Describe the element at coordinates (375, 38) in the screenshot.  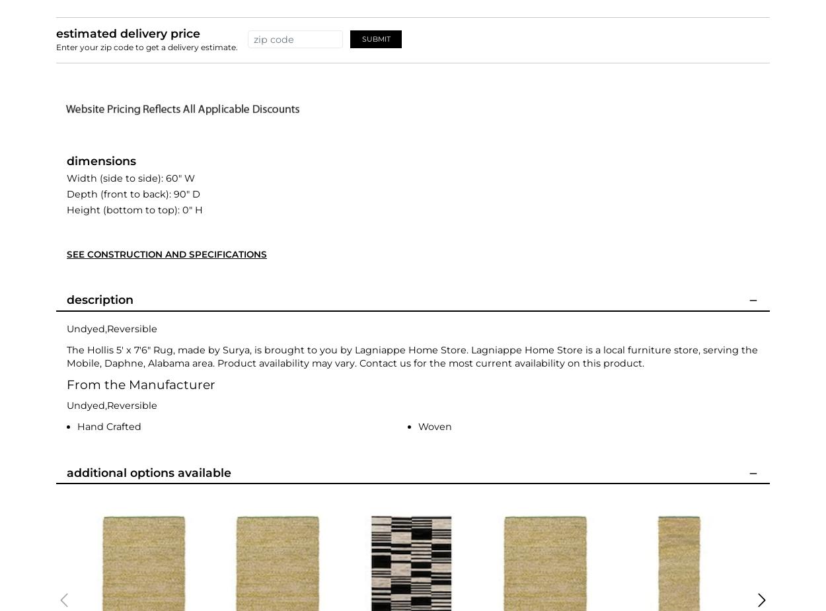
I see `'Submit'` at that location.